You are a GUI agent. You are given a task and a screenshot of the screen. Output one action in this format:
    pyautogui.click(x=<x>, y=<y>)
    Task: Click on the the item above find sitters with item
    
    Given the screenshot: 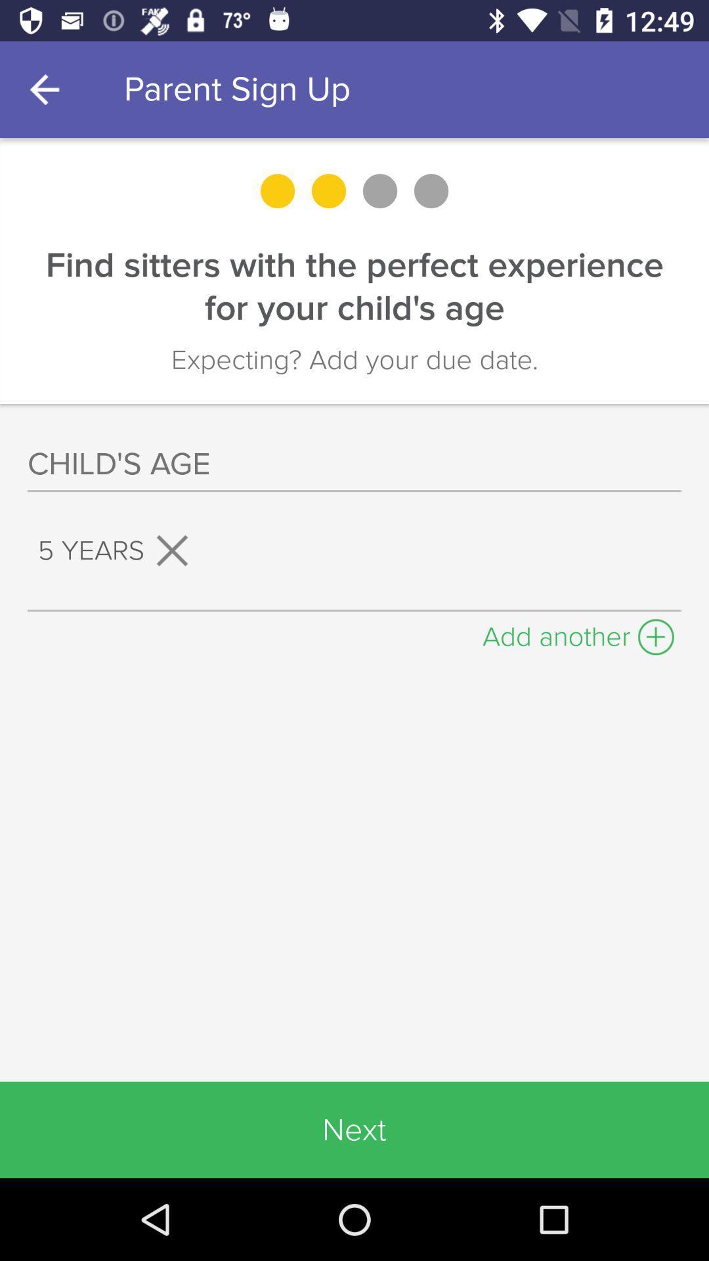 What is the action you would take?
    pyautogui.click(x=47, y=89)
    